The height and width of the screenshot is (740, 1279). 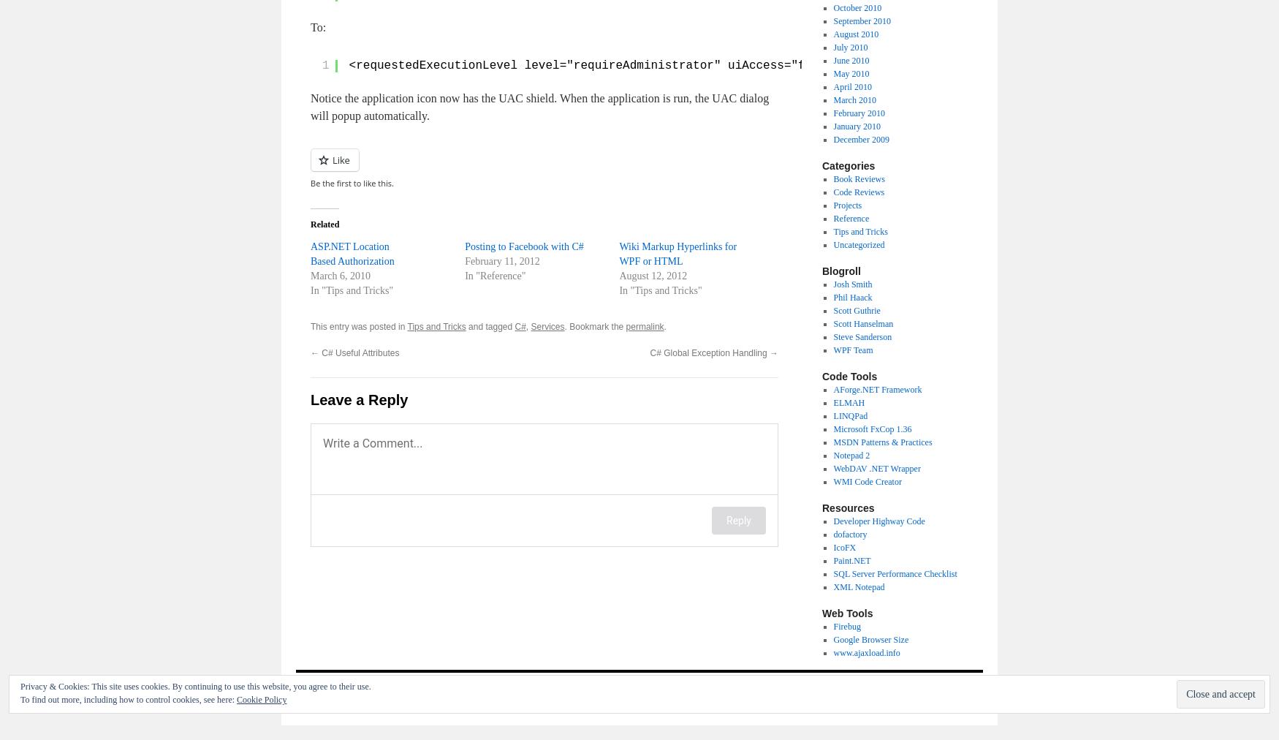 What do you see at coordinates (859, 139) in the screenshot?
I see `'December 2009'` at bounding box center [859, 139].